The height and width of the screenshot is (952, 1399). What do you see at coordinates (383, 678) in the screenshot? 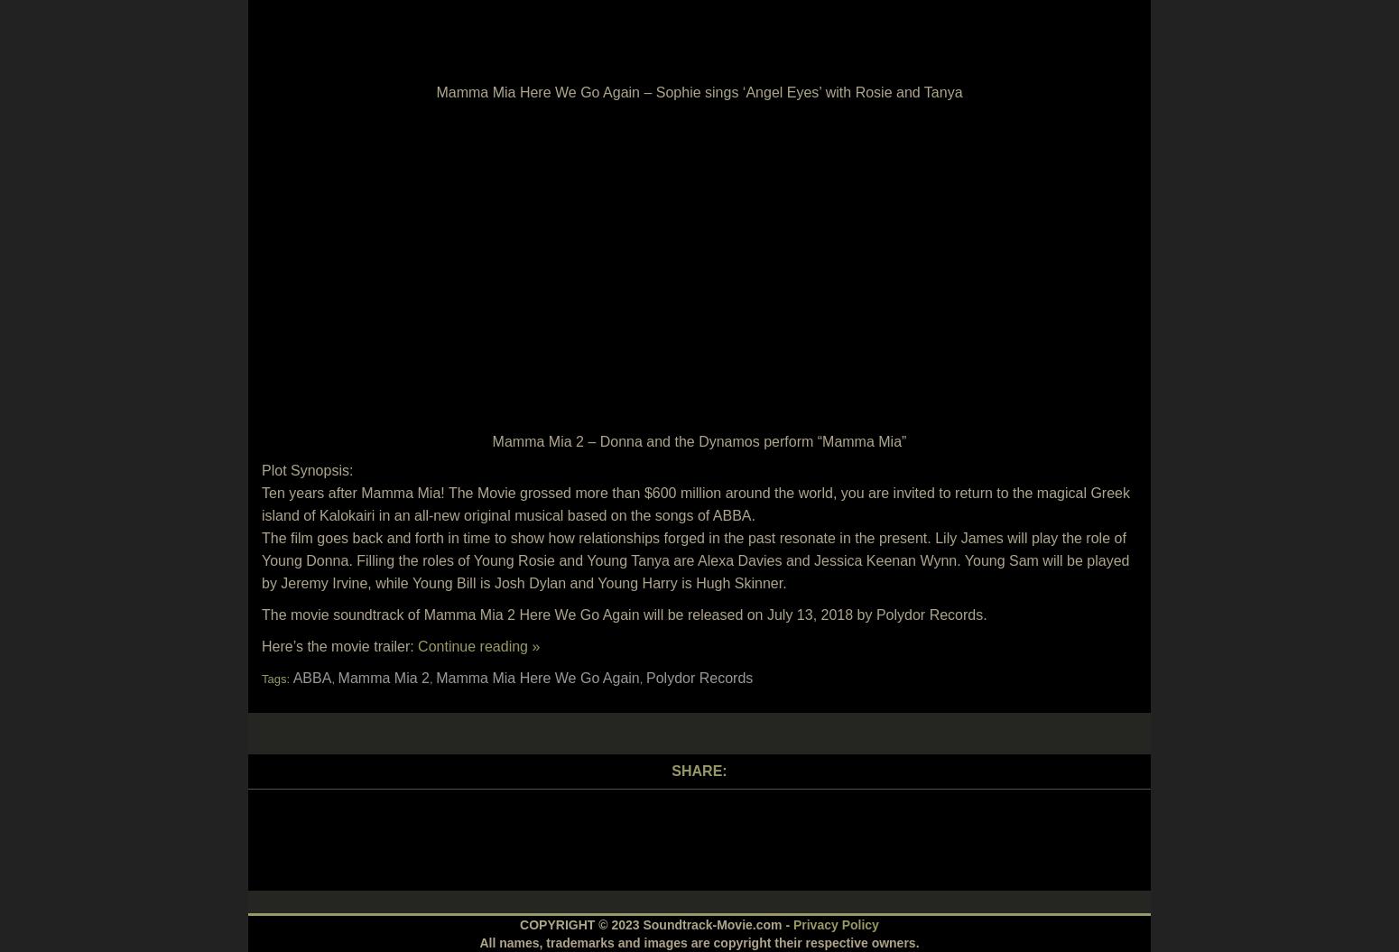
I see `'Mamma Mia 2'` at bounding box center [383, 678].